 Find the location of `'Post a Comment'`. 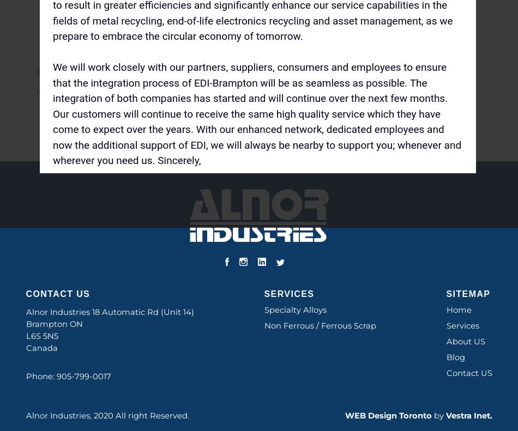

'Post a Comment' is located at coordinates (258, 119).